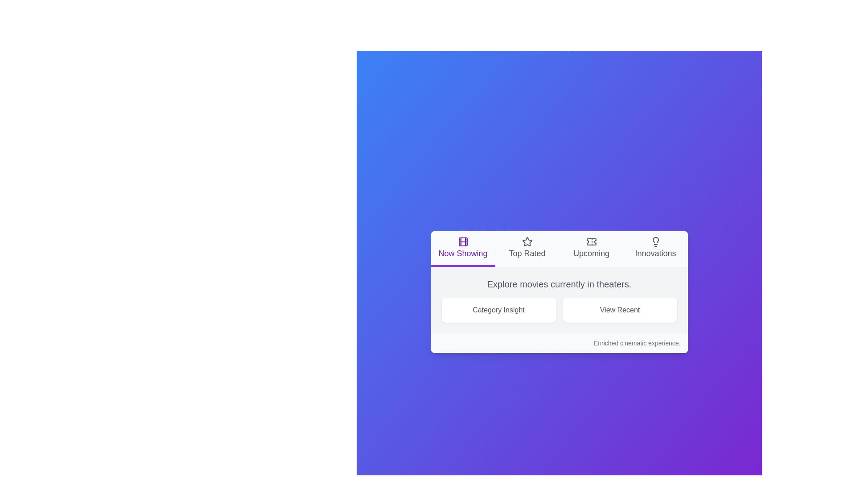 This screenshot has height=482, width=856. I want to click on the 'Now Showing' option in the interactive navigation tab, so click(559, 249).